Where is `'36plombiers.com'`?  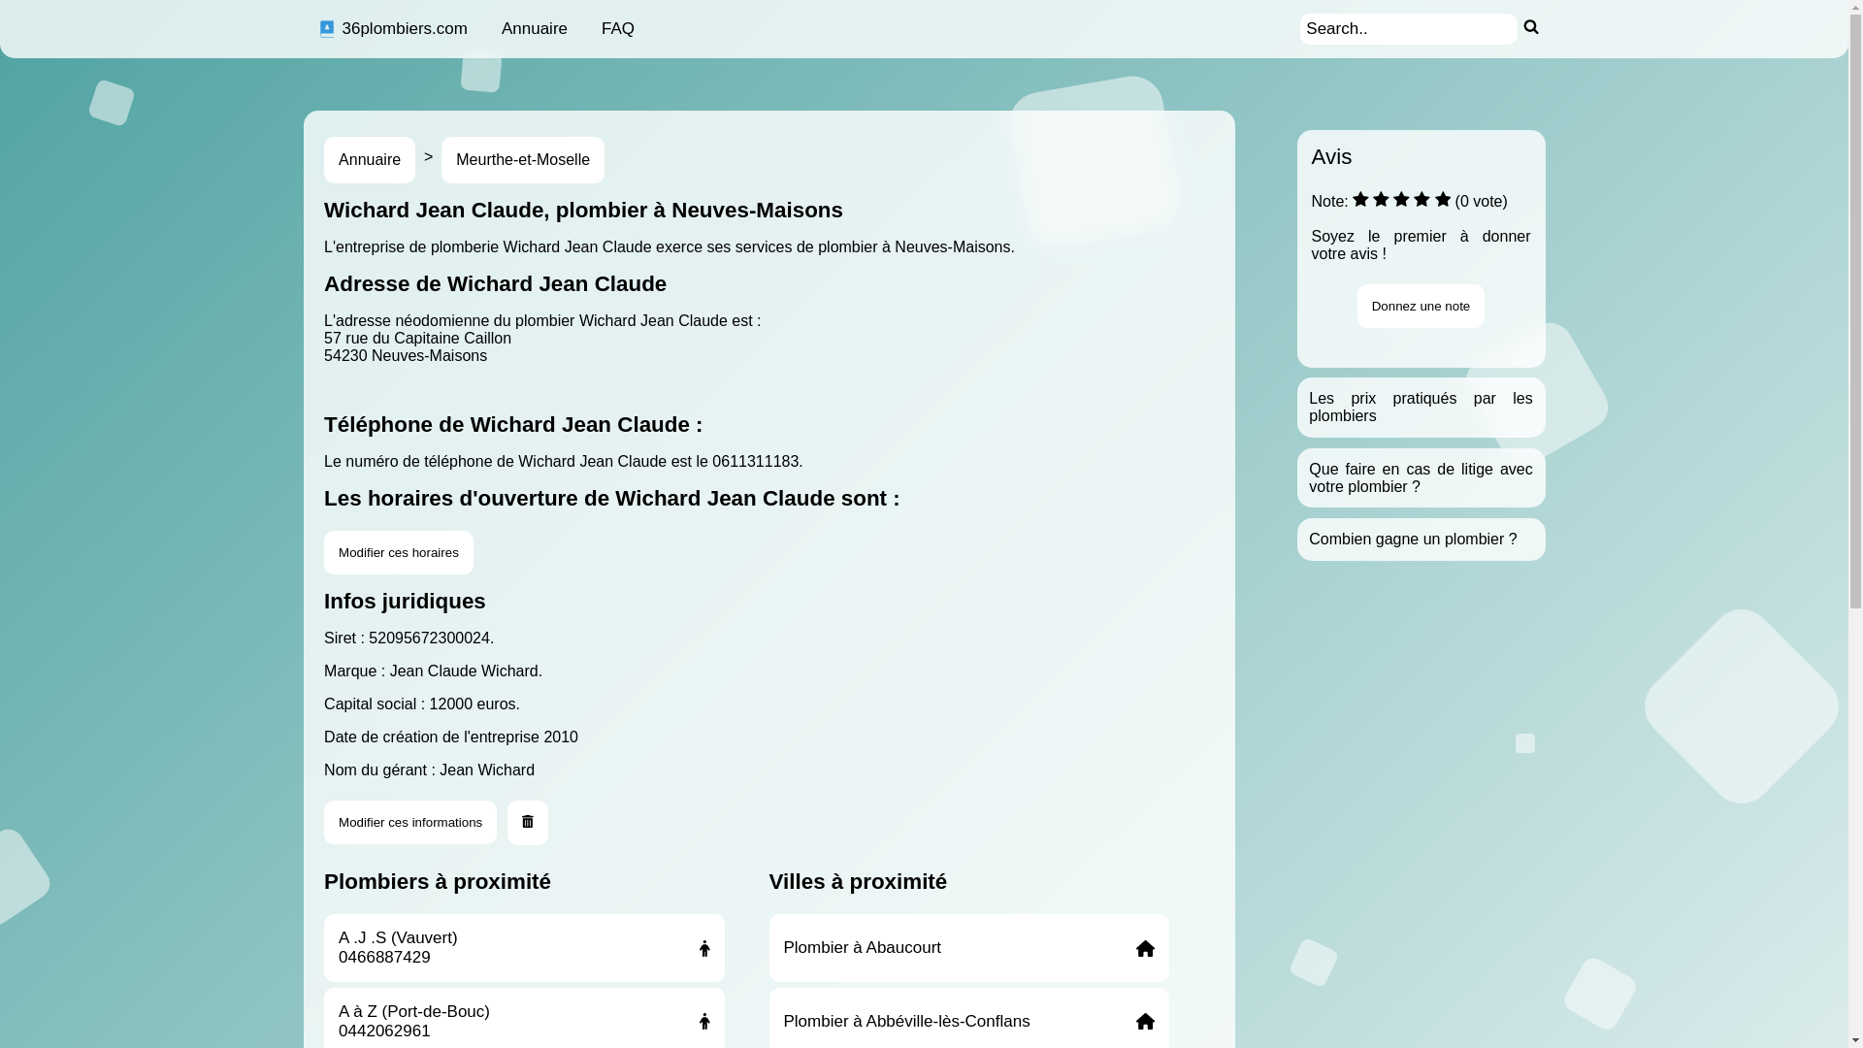
'36plombiers.com' is located at coordinates (390, 29).